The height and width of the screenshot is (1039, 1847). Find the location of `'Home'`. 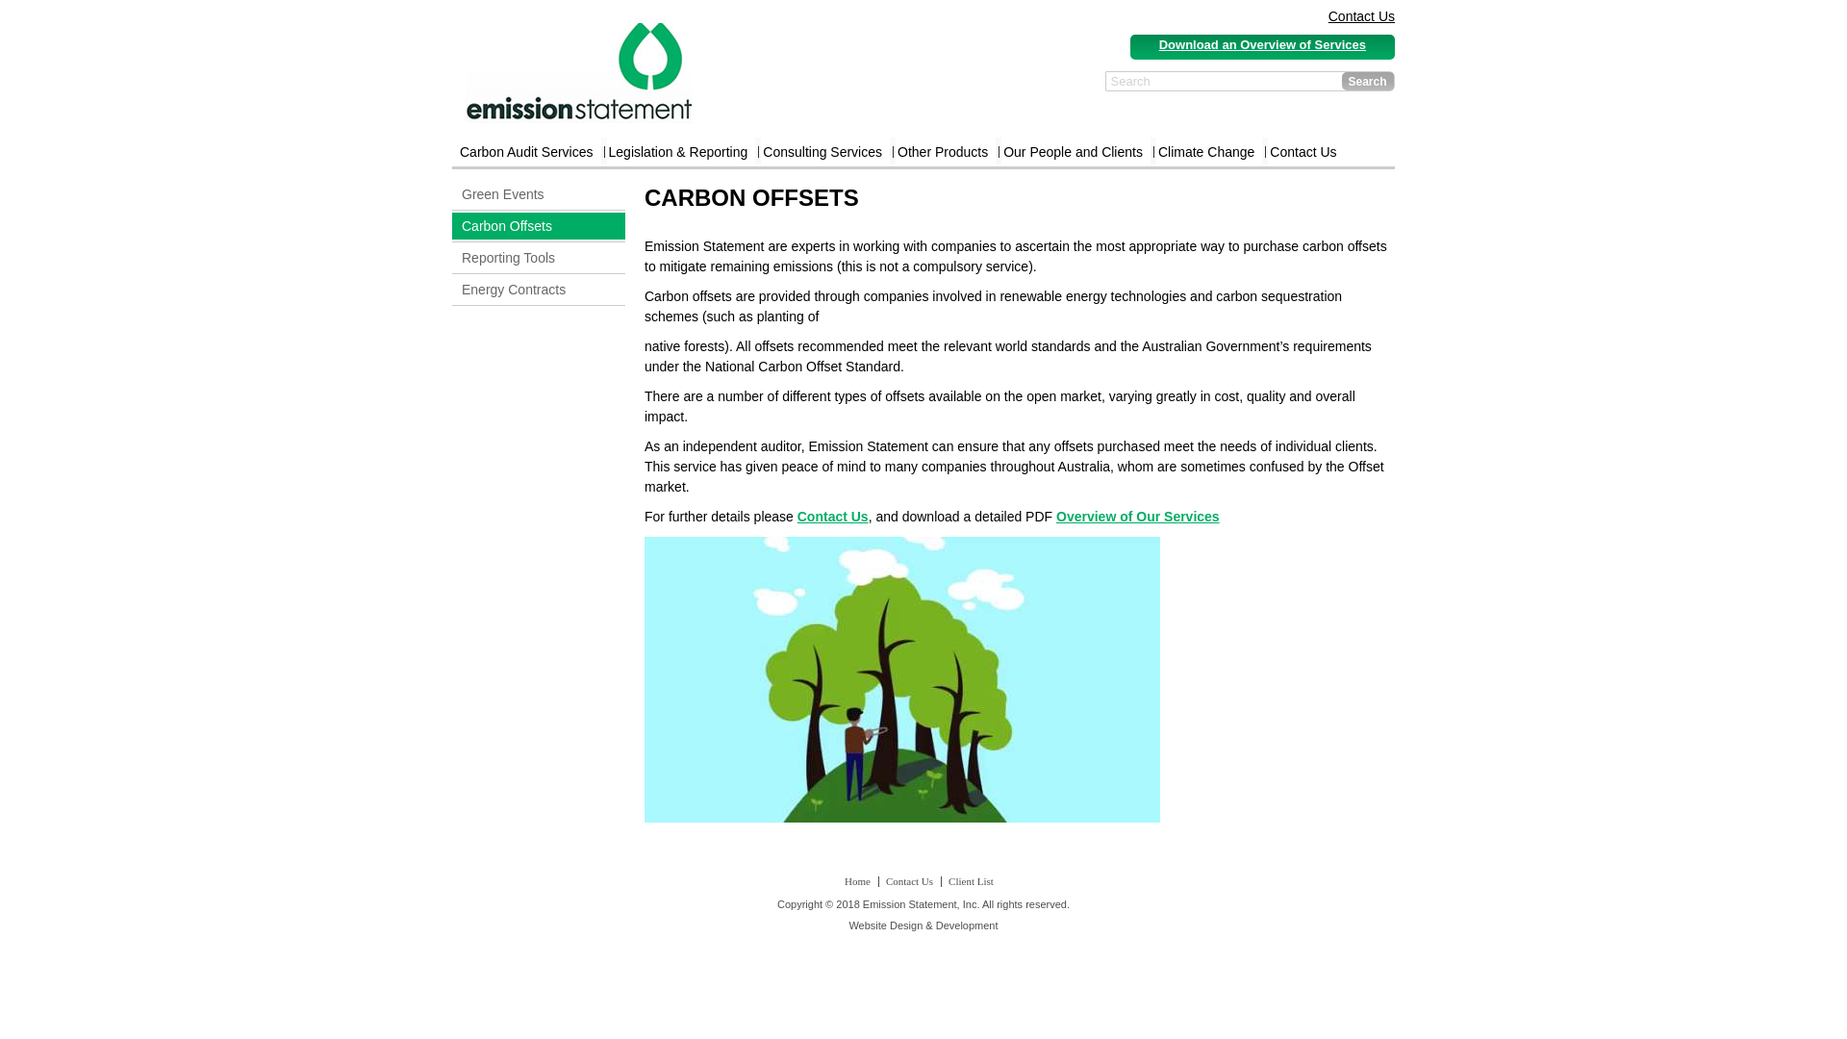

'Home' is located at coordinates (856, 880).